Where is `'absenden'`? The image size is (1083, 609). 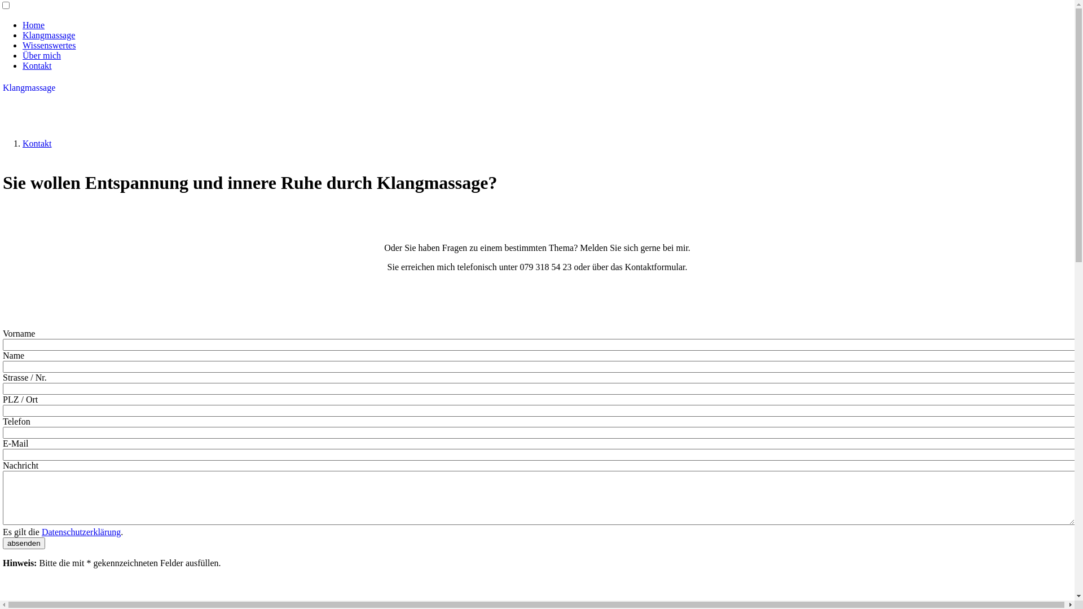 'absenden' is located at coordinates (24, 542).